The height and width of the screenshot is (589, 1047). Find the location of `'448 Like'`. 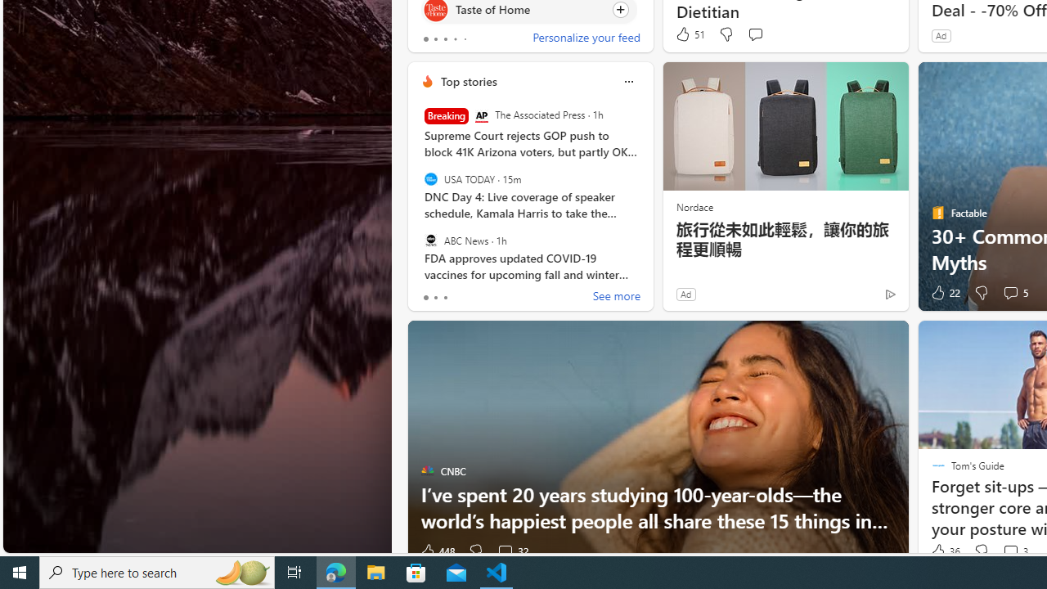

'448 Like' is located at coordinates (437, 551).